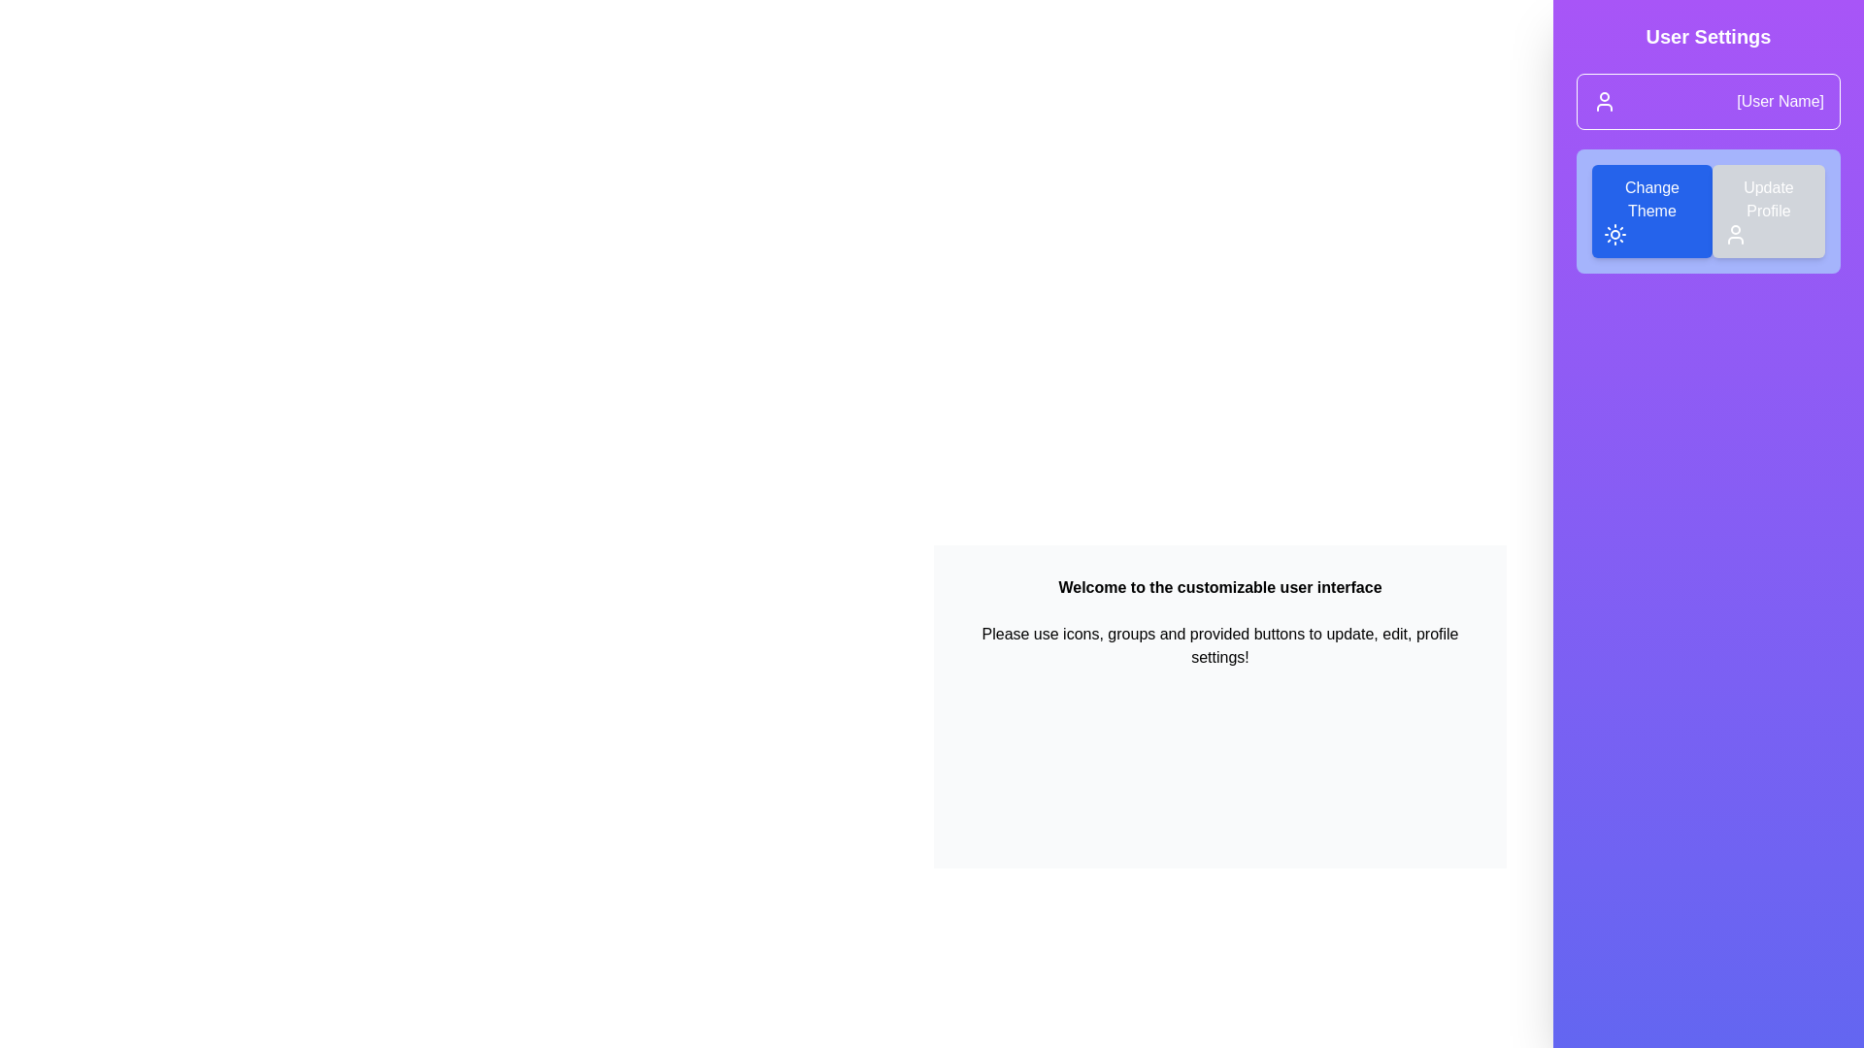 Image resolution: width=1864 pixels, height=1048 pixels. What do you see at coordinates (1824, 38) in the screenshot?
I see `button at the top-right corner to toggle the drawer open or close` at bounding box center [1824, 38].